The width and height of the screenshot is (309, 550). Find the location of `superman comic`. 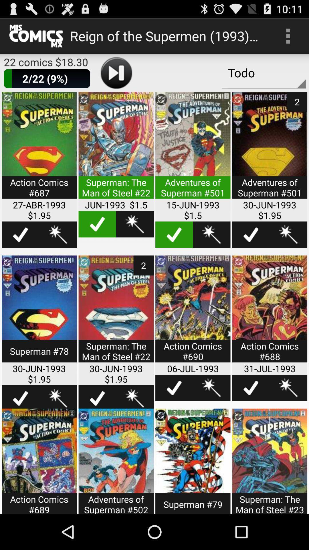

superman comic is located at coordinates (116, 461).